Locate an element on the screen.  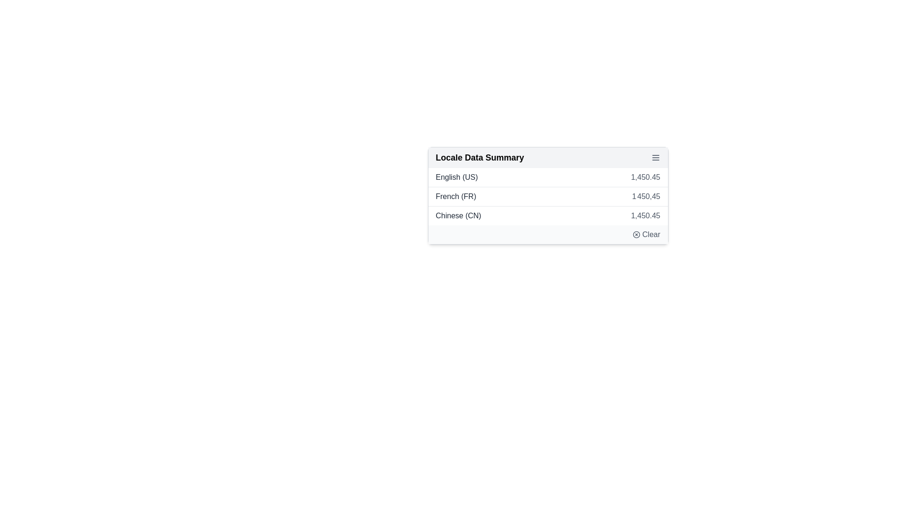
the numeric value text label associated with the 'French (FR)' label in the 'Locale Data Summary' table, which is positioned to the right of the 'French (FR)' label is located at coordinates (645, 196).